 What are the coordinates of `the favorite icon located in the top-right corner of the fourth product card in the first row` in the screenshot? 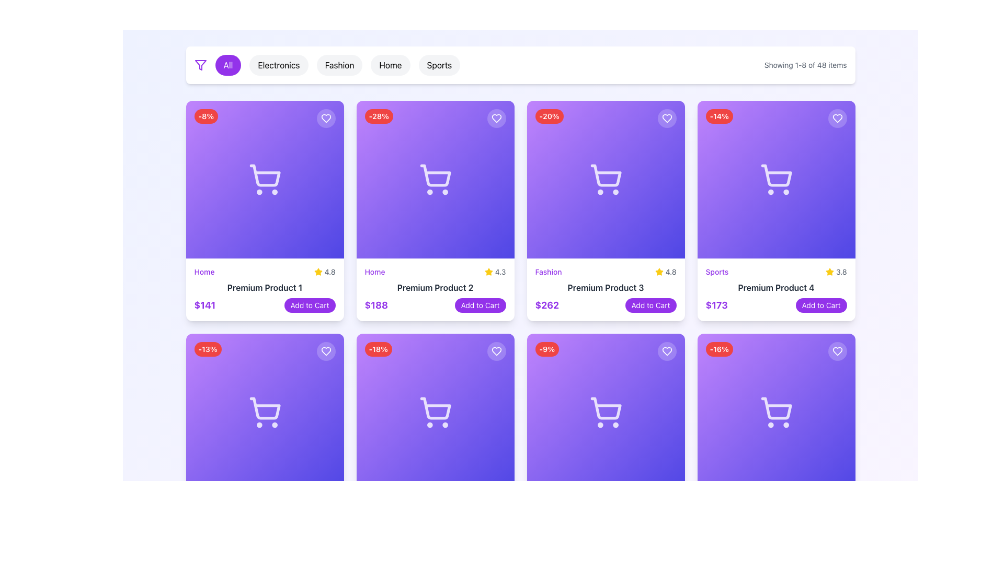 It's located at (837, 118).